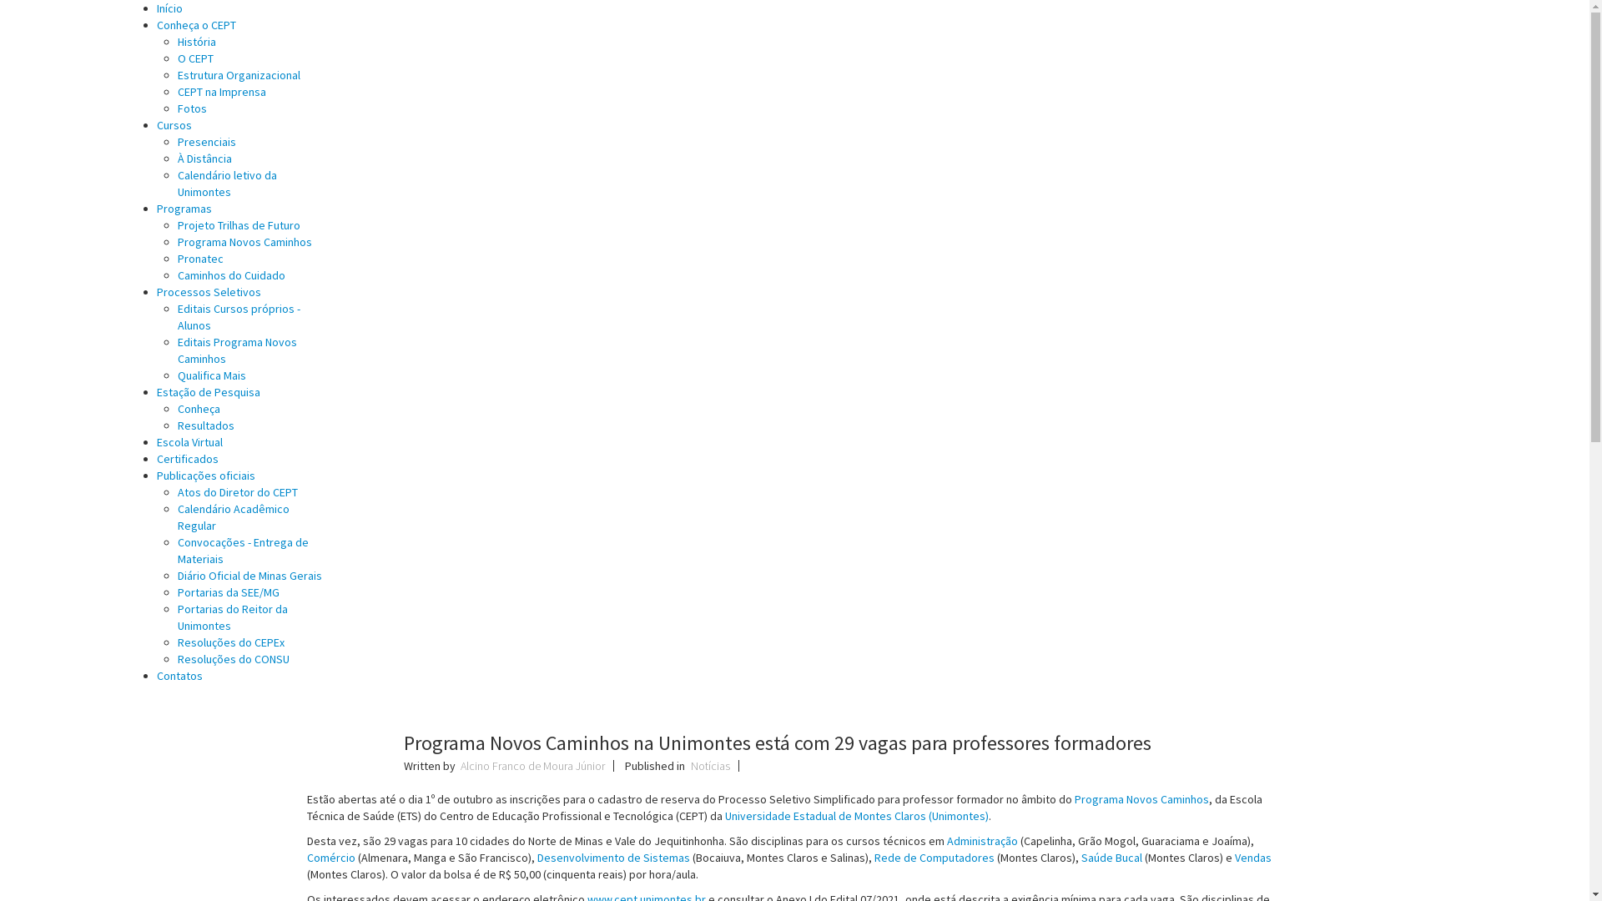  Describe the element at coordinates (873, 858) in the screenshot. I see `'Rede de Computadores'` at that location.